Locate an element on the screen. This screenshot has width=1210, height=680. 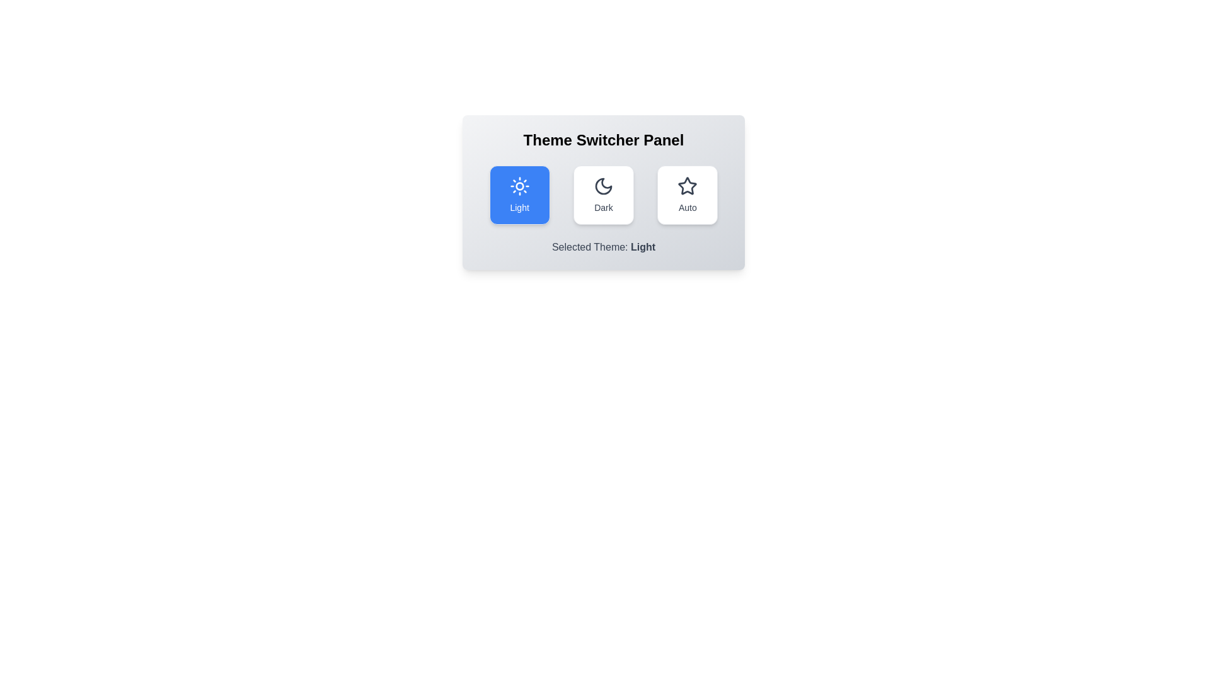
the dark theme icon located in the Theme Switcher Panel is located at coordinates (602, 186).